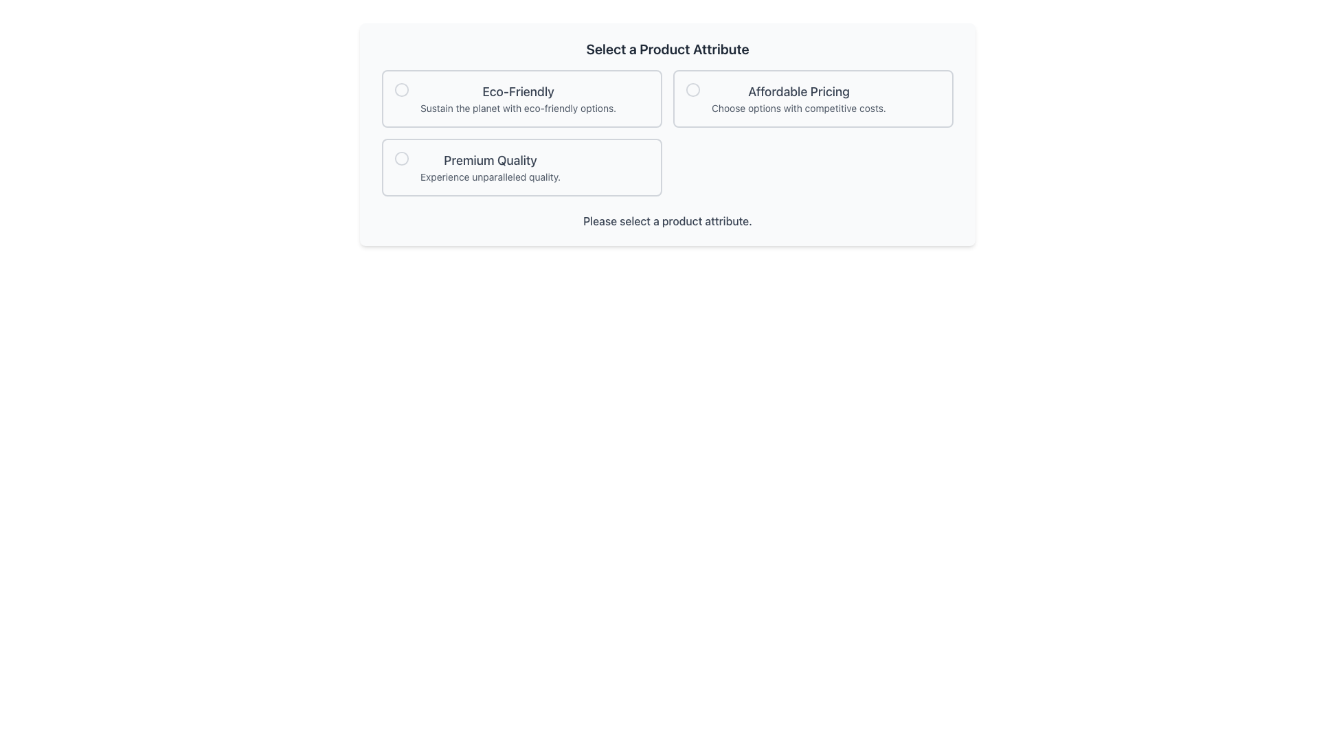 This screenshot has width=1319, height=742. What do you see at coordinates (401, 158) in the screenshot?
I see `the circular radio button indicator associated with the label 'Premium Quality' to trigger potential visual feedback` at bounding box center [401, 158].